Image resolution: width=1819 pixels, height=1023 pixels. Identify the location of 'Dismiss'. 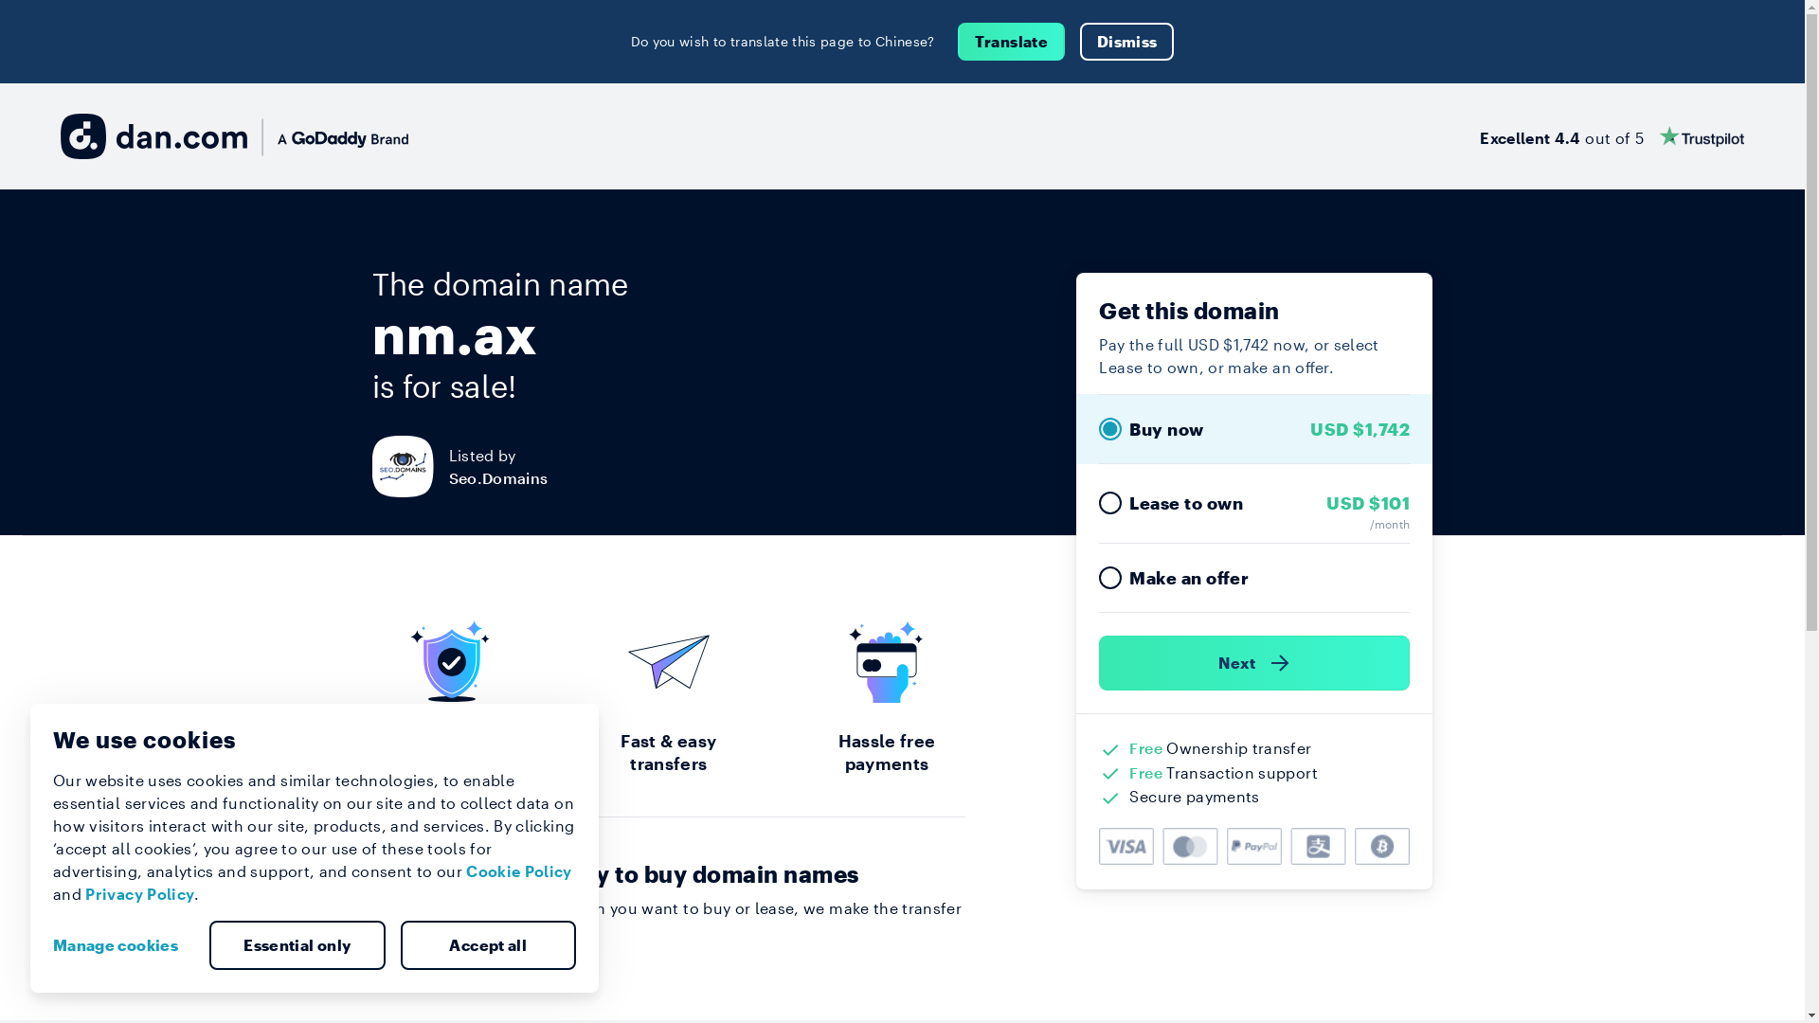
(1126, 41).